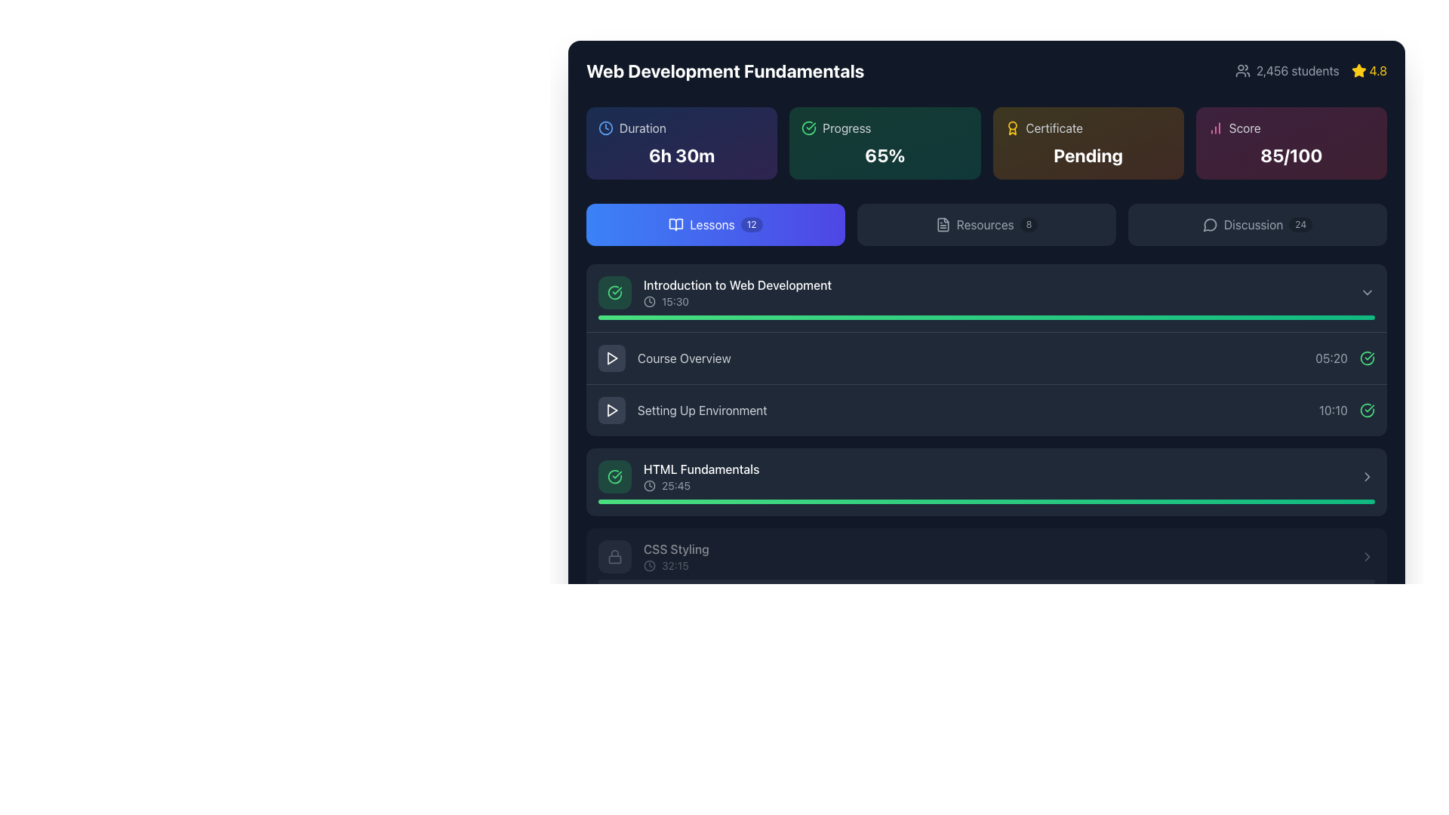 This screenshot has width=1449, height=815. What do you see at coordinates (1333, 410) in the screenshot?
I see `the text element displaying '10:10', which is styled with a gray font and positioned to the right of the 'HTML Fundamentals' section in the UI` at bounding box center [1333, 410].